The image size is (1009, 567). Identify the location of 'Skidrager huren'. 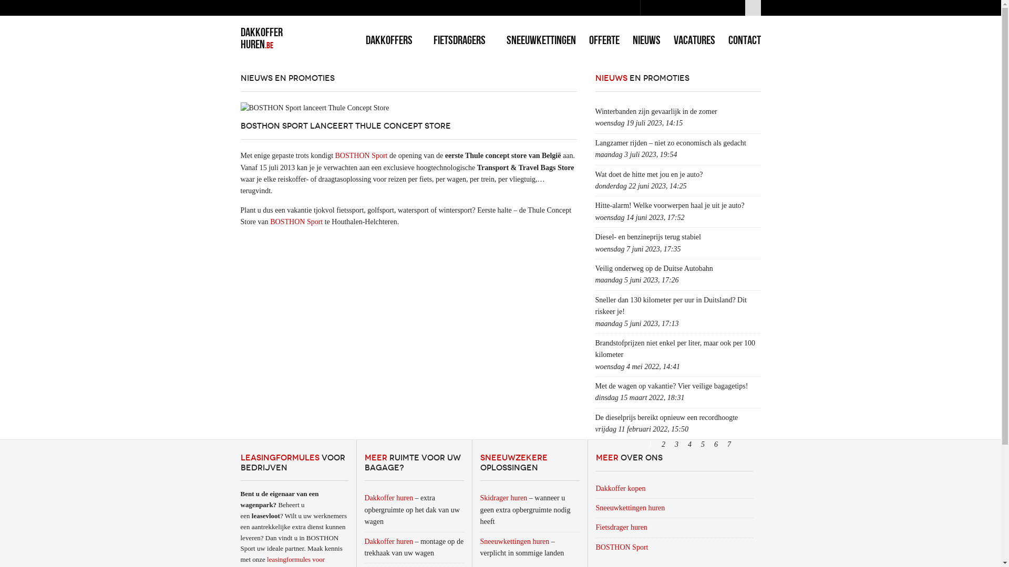
(503, 497).